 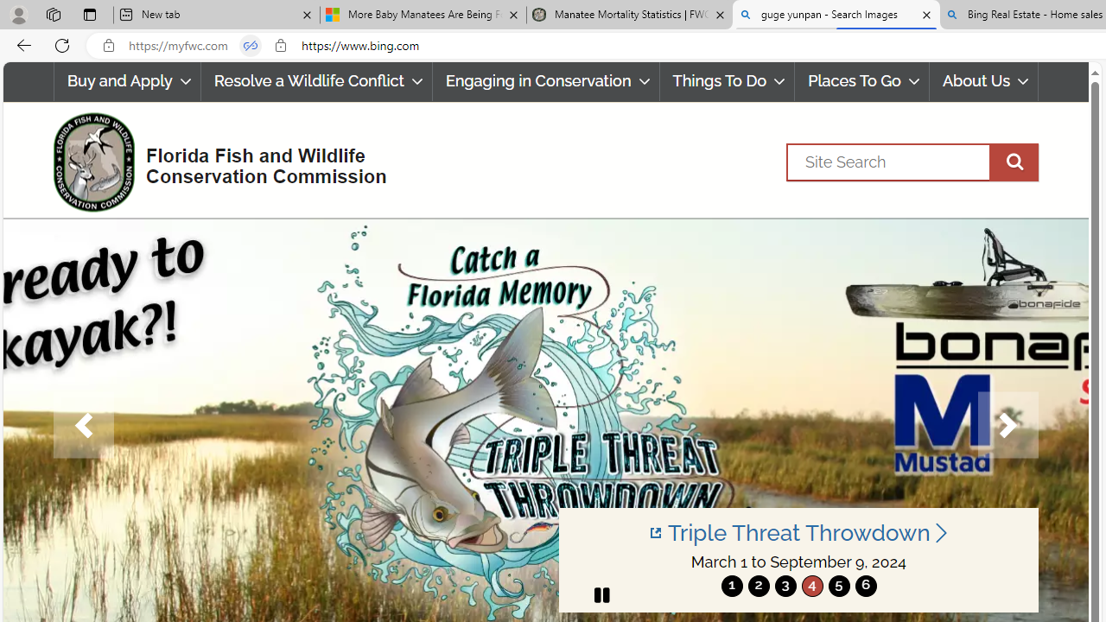 What do you see at coordinates (784, 585) in the screenshot?
I see `'3'` at bounding box center [784, 585].